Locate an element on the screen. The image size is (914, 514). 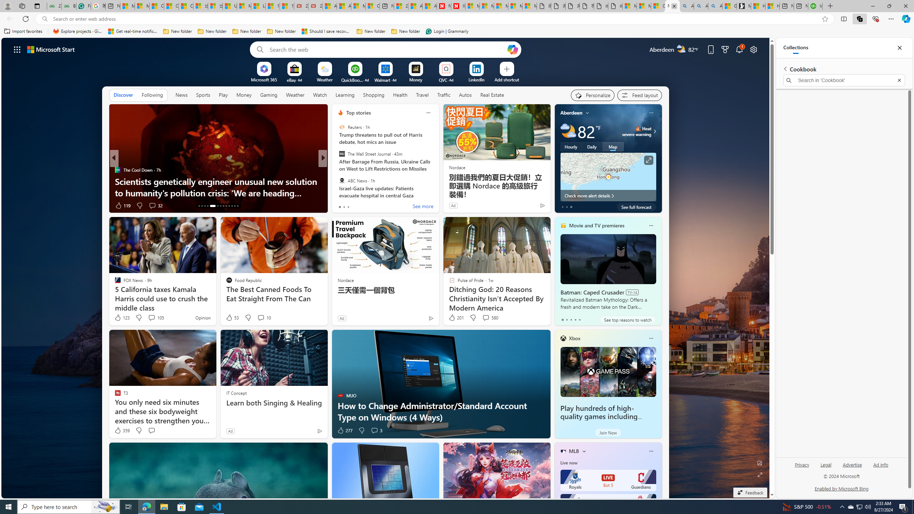
'138 Like' is located at coordinates (342, 205).